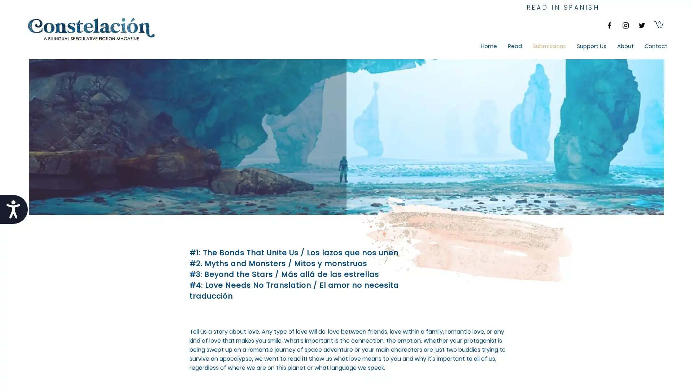 This screenshot has width=693, height=390. Describe the element at coordinates (684, 377) in the screenshot. I see `Close` at that location.